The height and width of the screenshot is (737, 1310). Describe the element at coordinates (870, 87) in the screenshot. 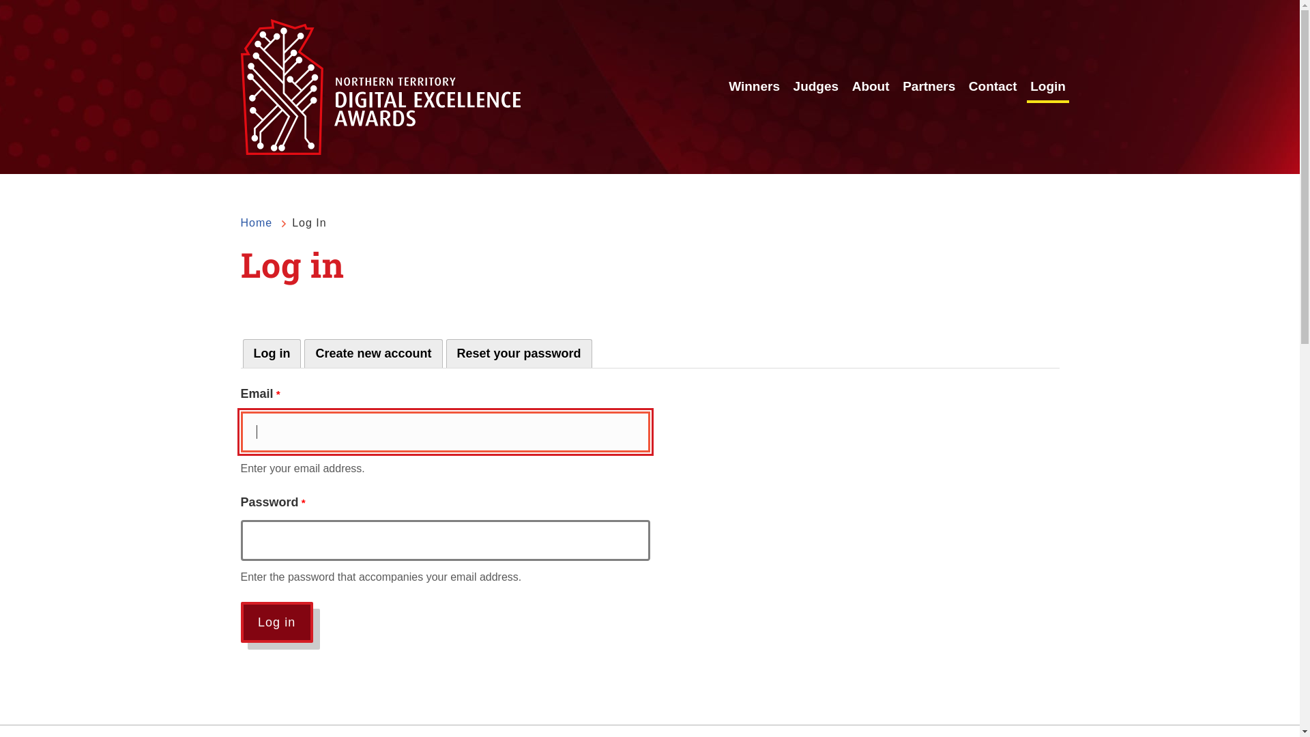

I see `'About'` at that location.